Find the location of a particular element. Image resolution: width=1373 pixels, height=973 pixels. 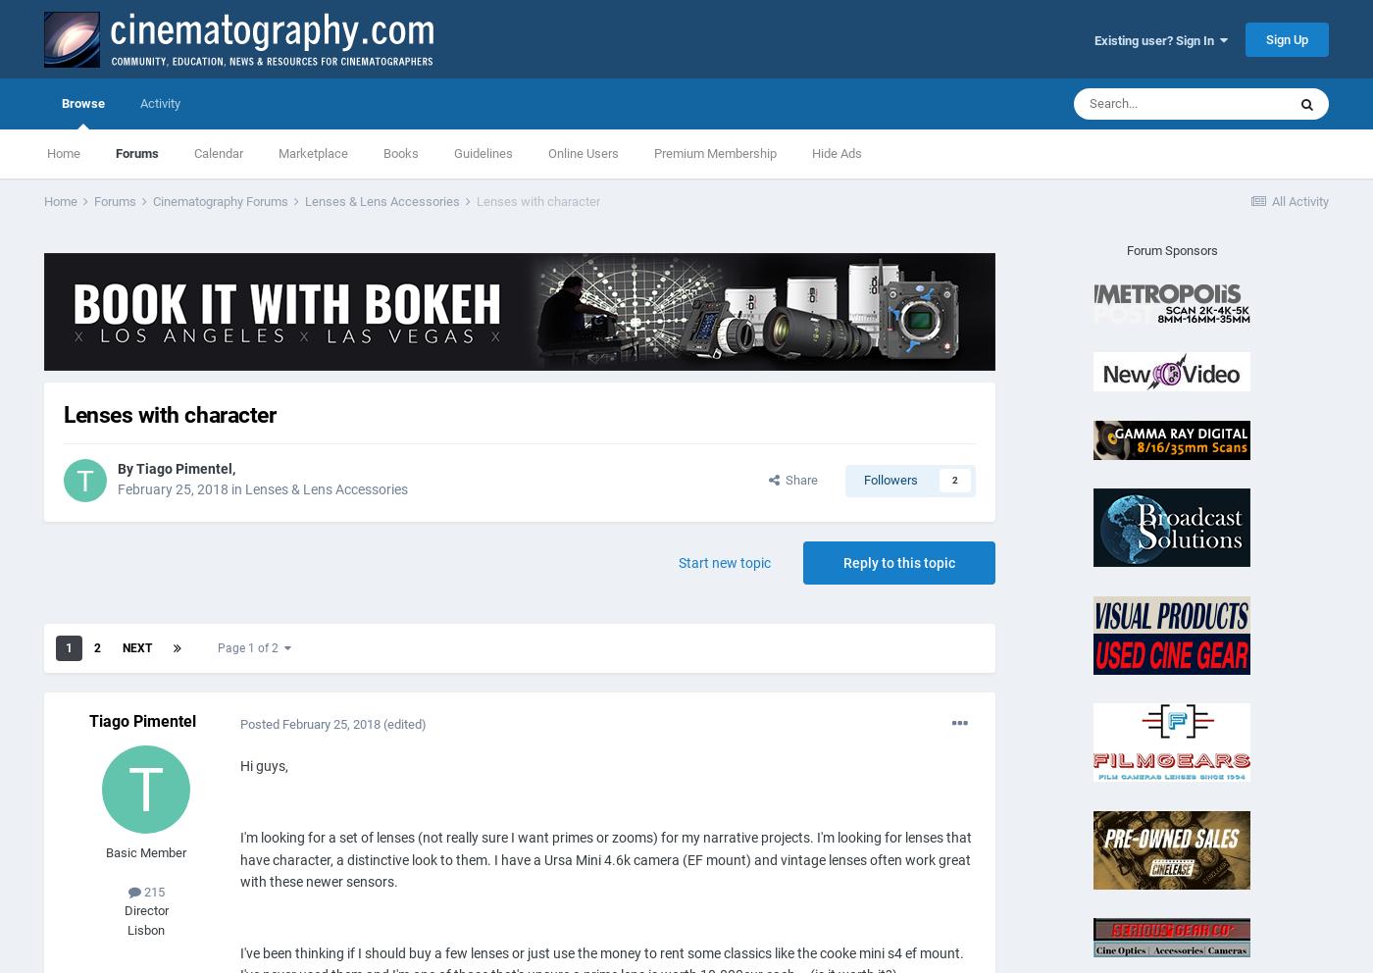

'Reply to this topic' is located at coordinates (899, 562).